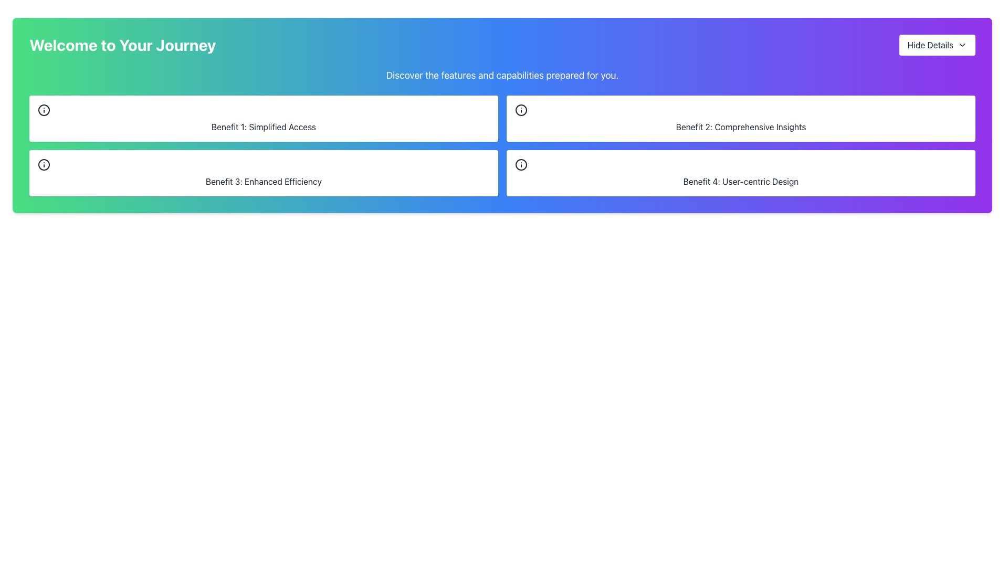 Image resolution: width=1008 pixels, height=567 pixels. I want to click on the information icon embedded within the second card titled 'Benefit 2: Comprehensive Insights', so click(521, 110).